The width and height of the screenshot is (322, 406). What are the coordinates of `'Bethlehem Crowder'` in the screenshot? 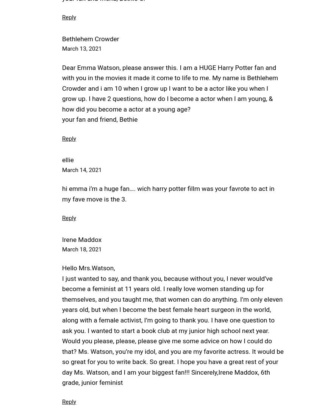 It's located at (91, 39).